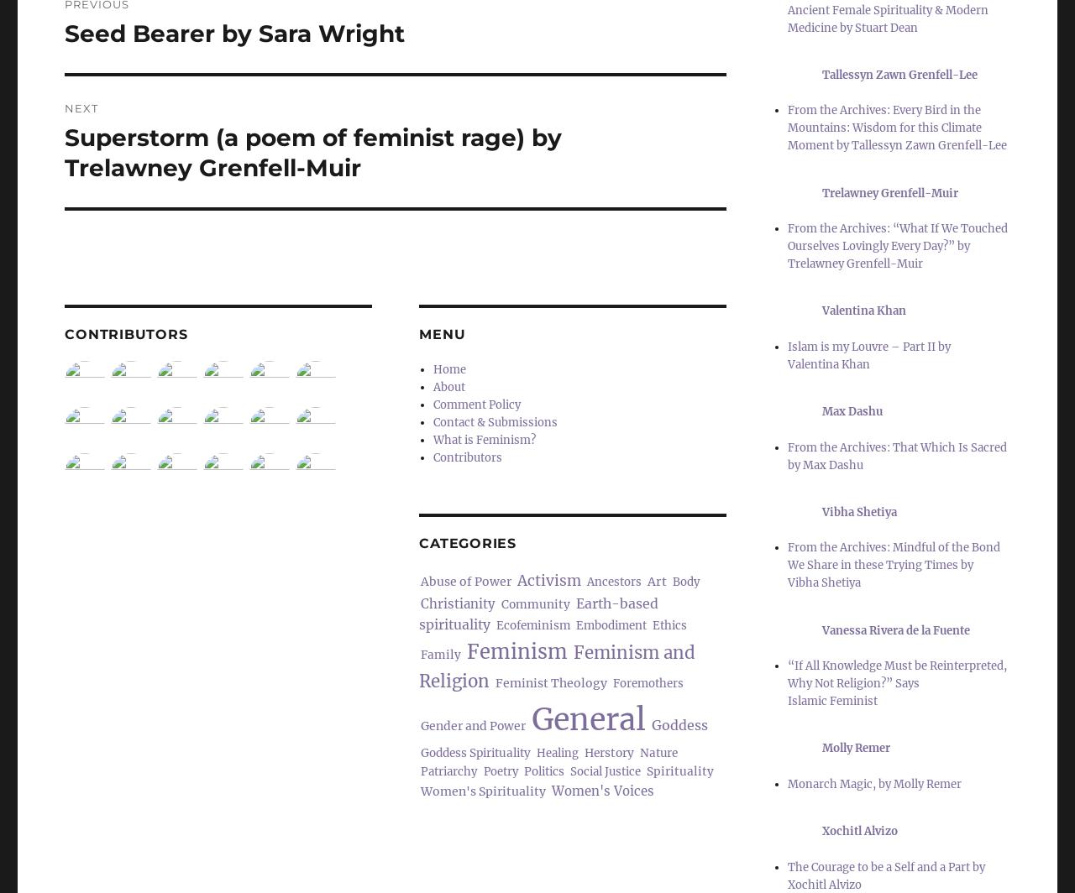  What do you see at coordinates (859, 511) in the screenshot?
I see `'Vibha Shetiya'` at bounding box center [859, 511].